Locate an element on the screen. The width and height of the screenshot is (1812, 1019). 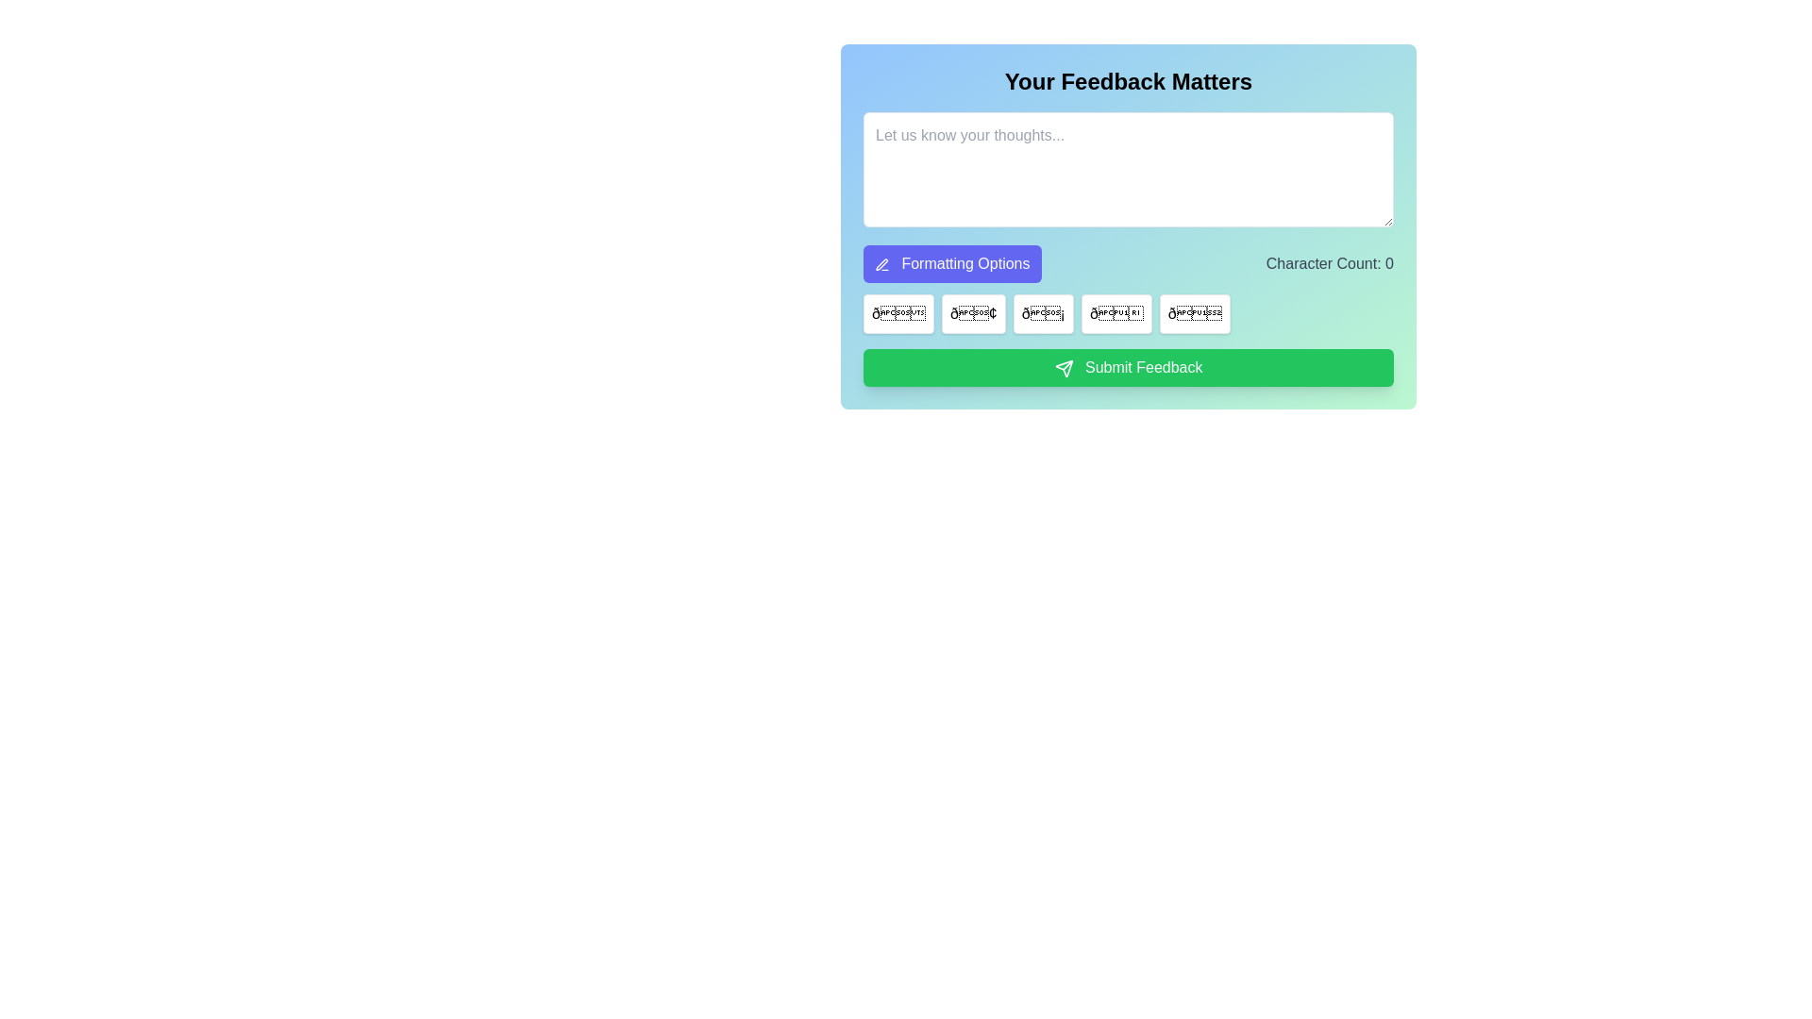
the 'Submit Feedback' button, which contains a small green triangular icon resembling a paper airplane is located at coordinates (1064, 368).